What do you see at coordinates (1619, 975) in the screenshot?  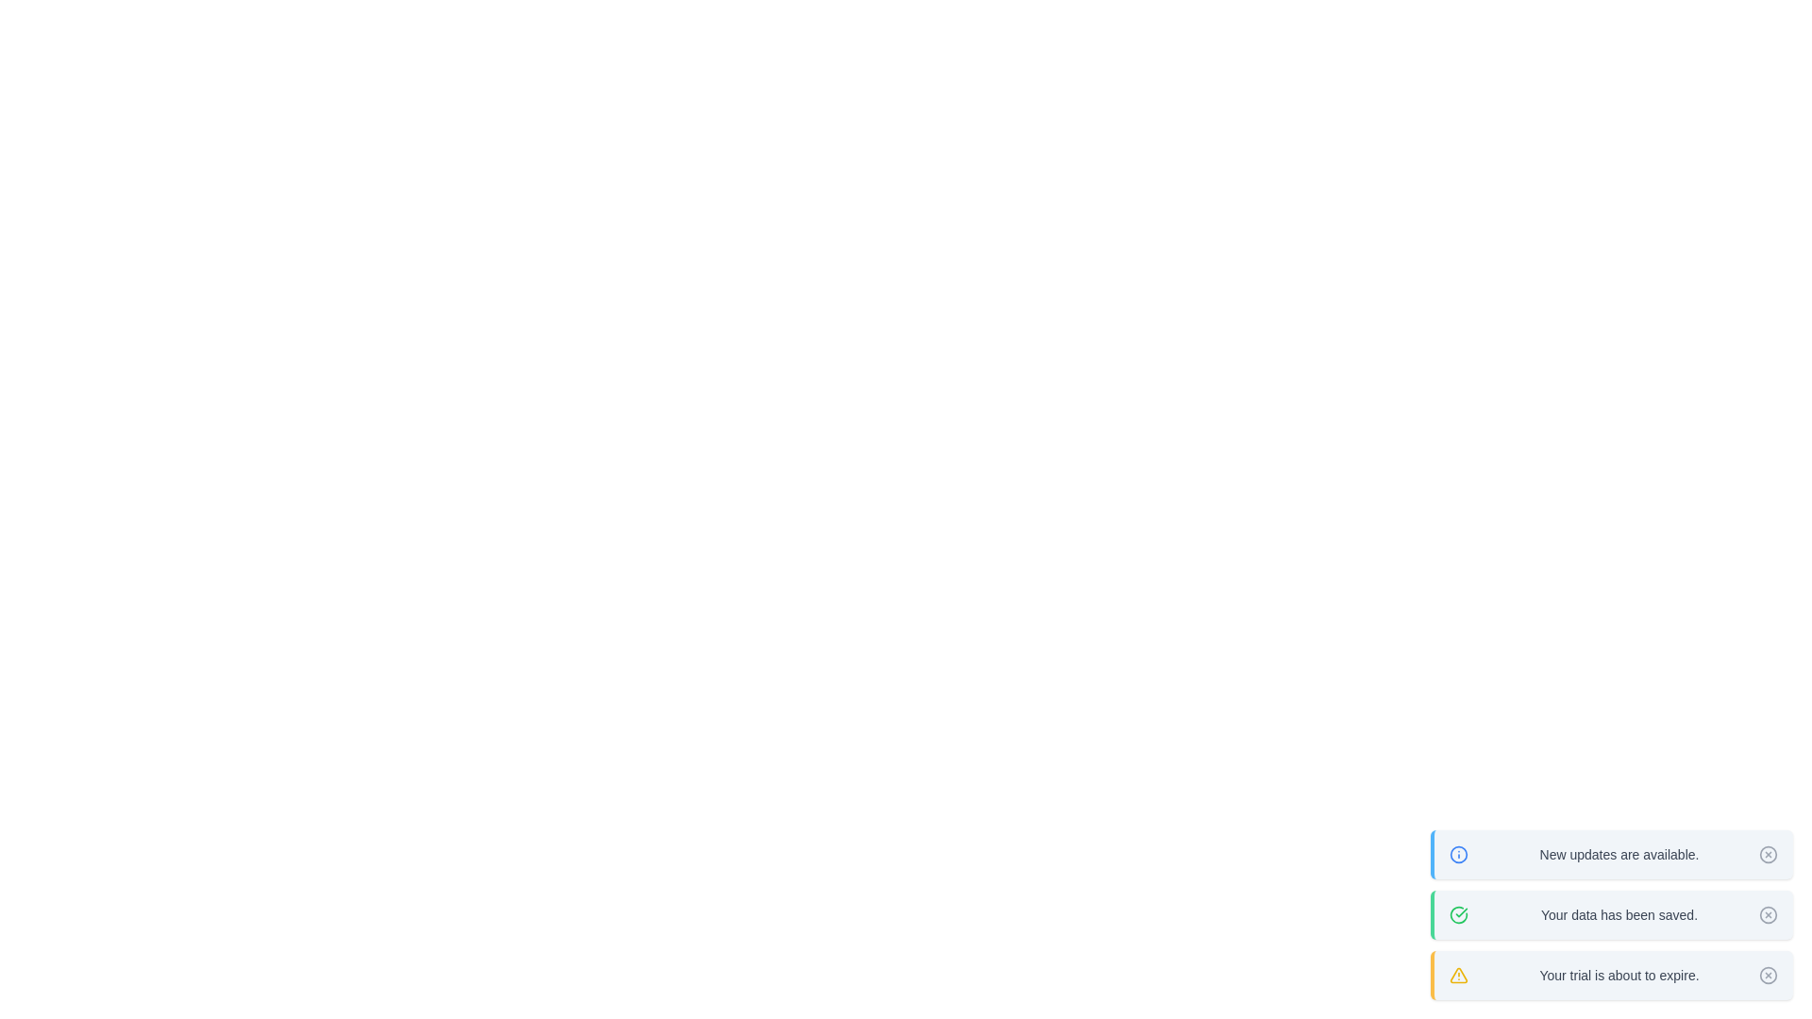 I see `the text label that displays 'Your trial is about to expire.' within the warning notification card located at the bottom-right corner of the interface` at bounding box center [1619, 975].